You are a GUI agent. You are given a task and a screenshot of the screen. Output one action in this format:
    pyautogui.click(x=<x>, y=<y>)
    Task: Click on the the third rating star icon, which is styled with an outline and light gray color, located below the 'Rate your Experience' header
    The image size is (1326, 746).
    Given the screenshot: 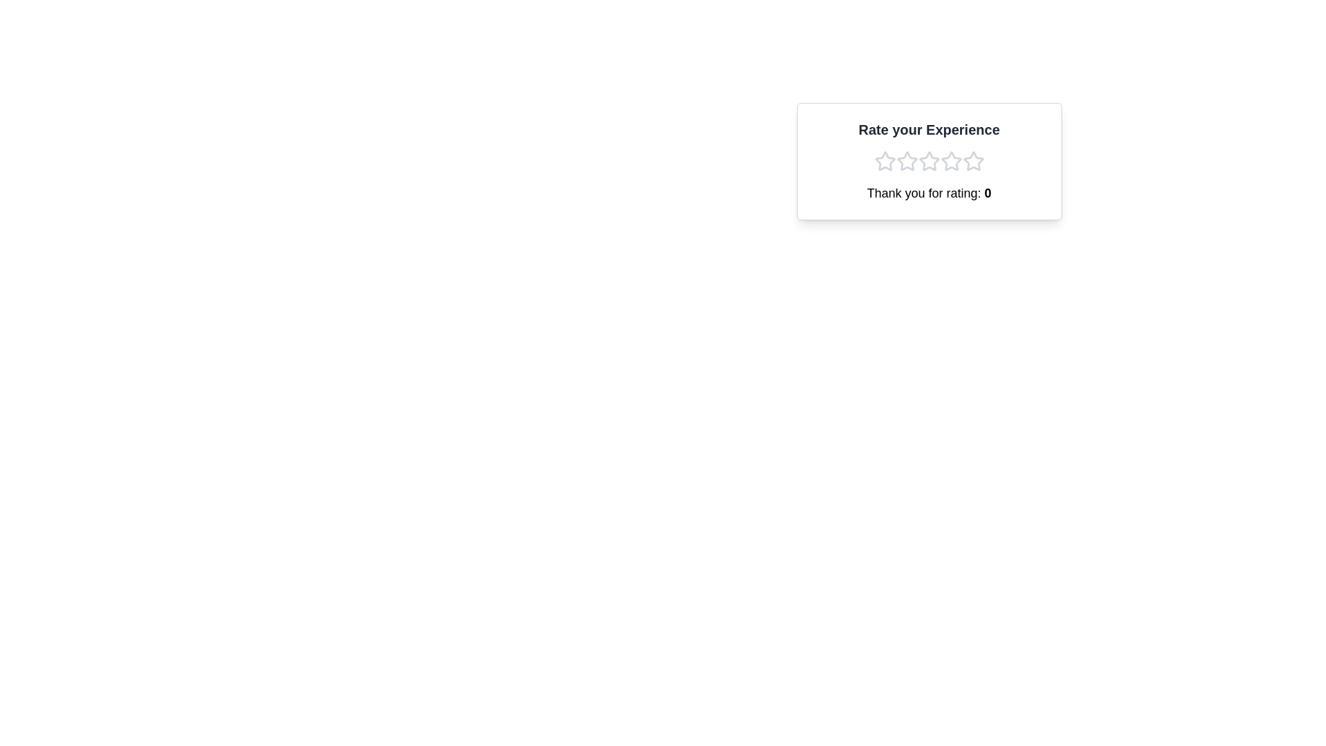 What is the action you would take?
    pyautogui.click(x=929, y=161)
    